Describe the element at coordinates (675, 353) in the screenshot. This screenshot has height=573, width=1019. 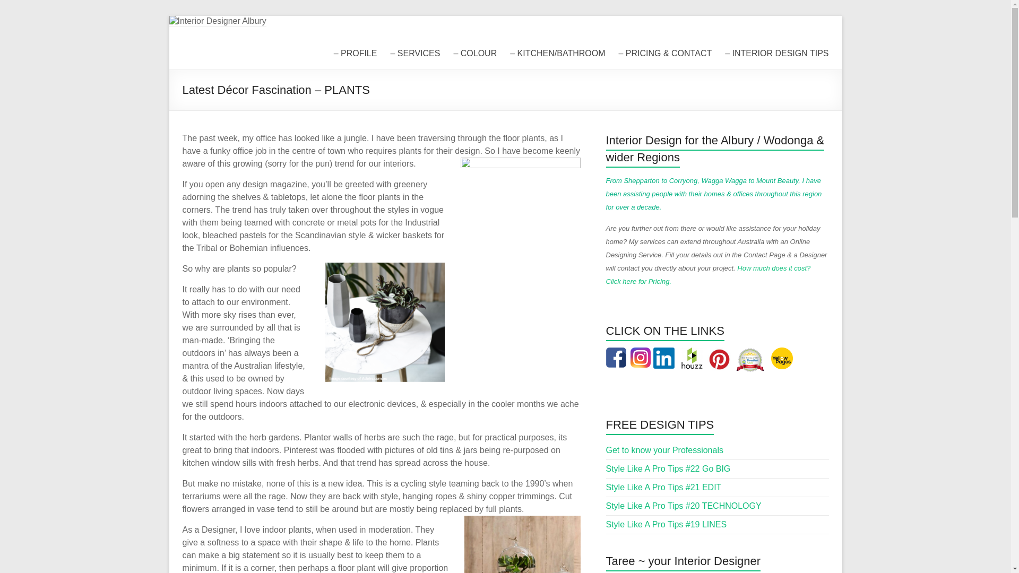
I see `' '` at that location.